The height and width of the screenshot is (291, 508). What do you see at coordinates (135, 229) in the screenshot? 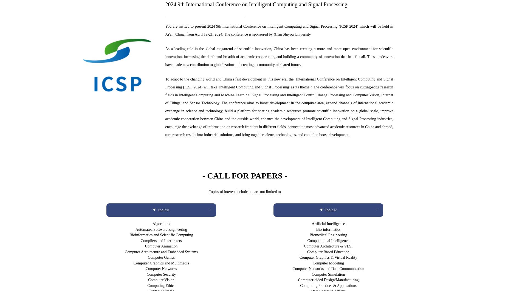
I see `'Automated Software Engineering'` at bounding box center [135, 229].